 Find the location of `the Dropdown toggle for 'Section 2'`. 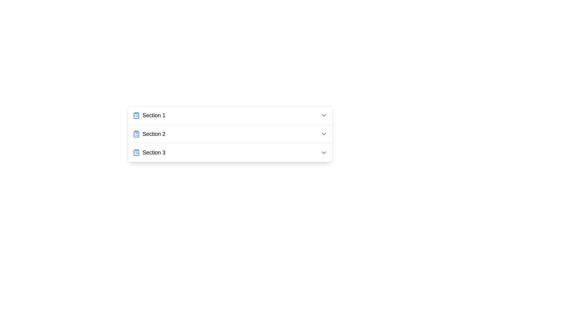

the Dropdown toggle for 'Section 2' is located at coordinates (230, 133).